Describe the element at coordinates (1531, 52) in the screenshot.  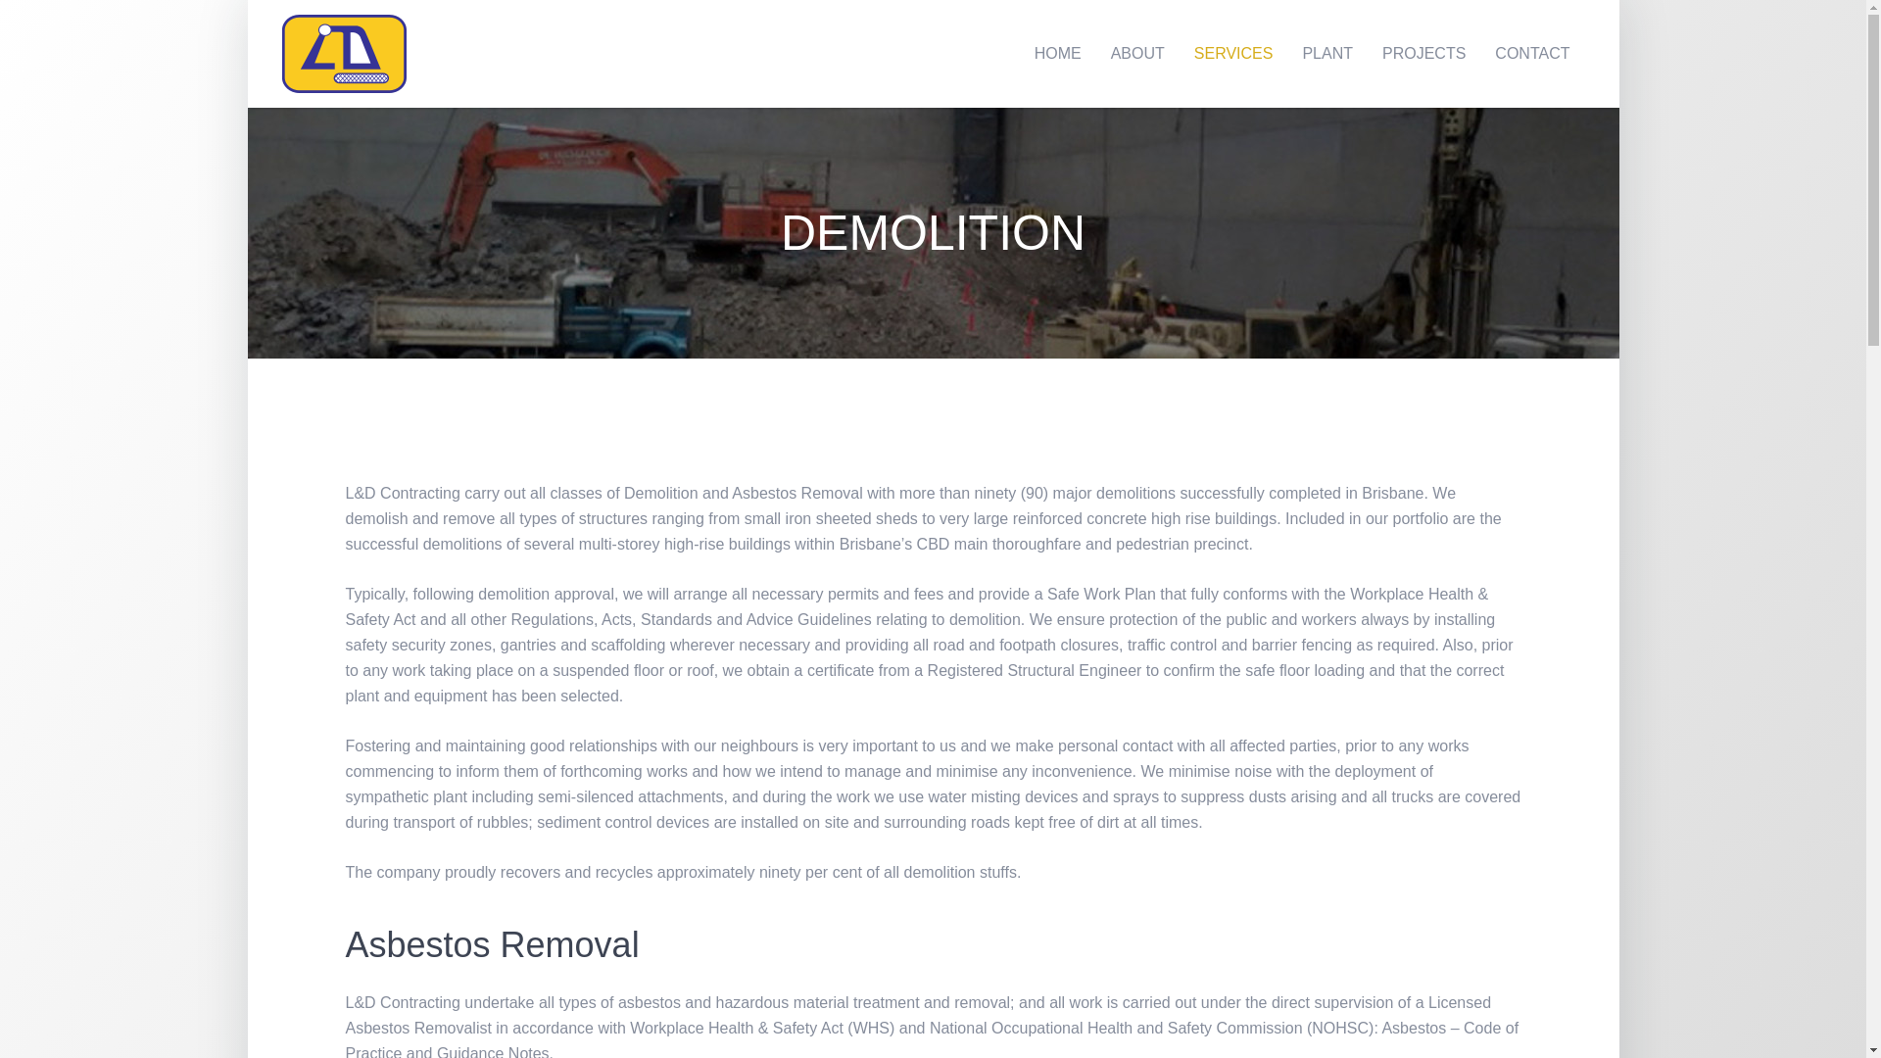
I see `'CONTACT'` at that location.